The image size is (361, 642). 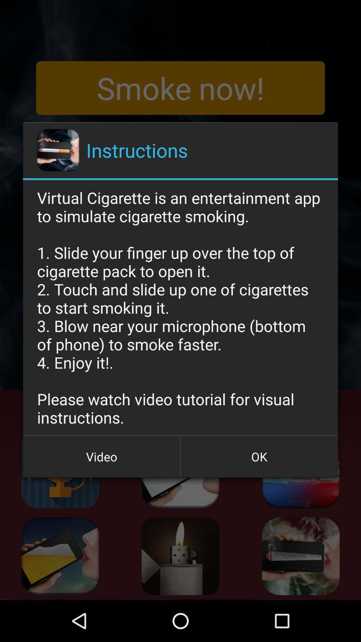 I want to click on video button, so click(x=102, y=456).